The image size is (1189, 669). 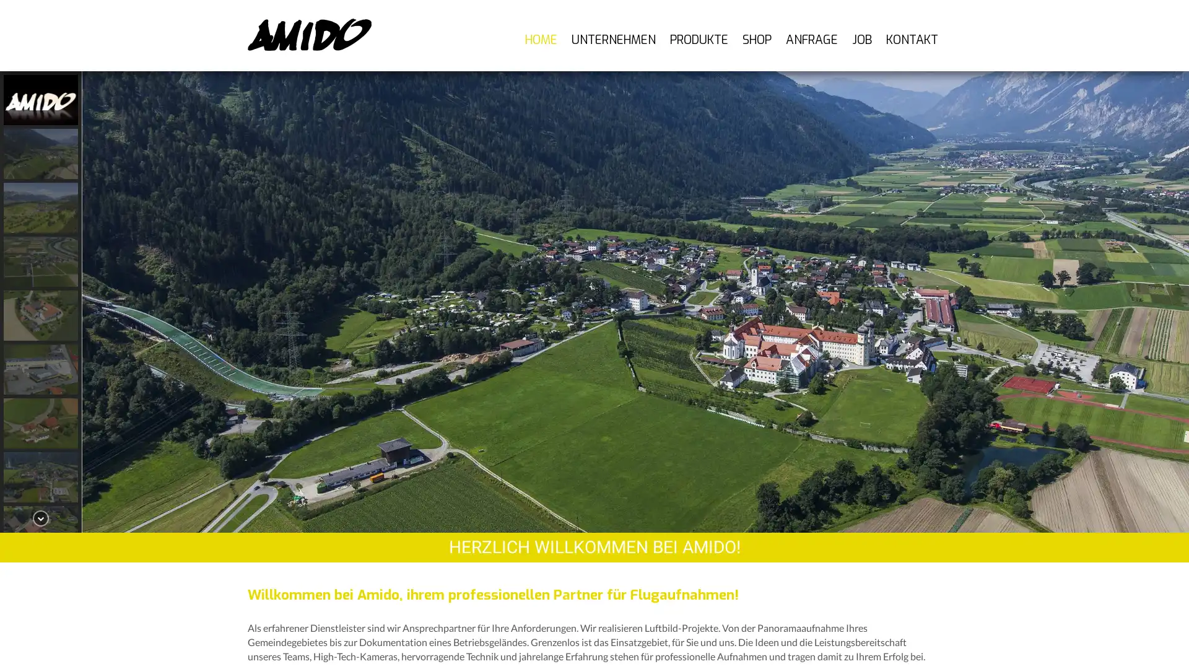 What do you see at coordinates (41, 639) in the screenshot?
I see `Thumbnail 5 - copy - copy - copy - copy - copy` at bounding box center [41, 639].